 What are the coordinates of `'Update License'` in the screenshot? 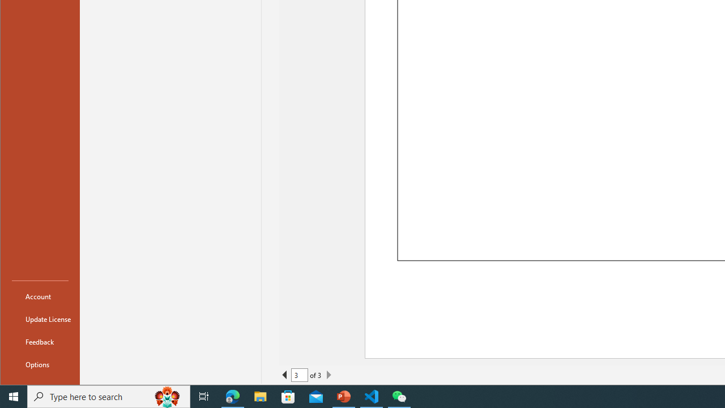 It's located at (40, 319).